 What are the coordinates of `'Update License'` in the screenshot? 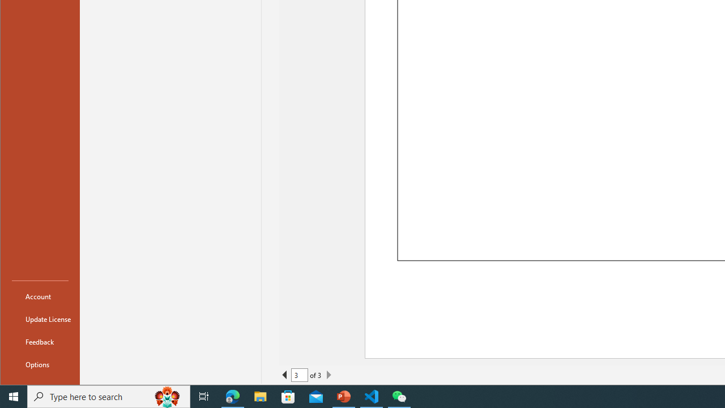 It's located at (40, 319).